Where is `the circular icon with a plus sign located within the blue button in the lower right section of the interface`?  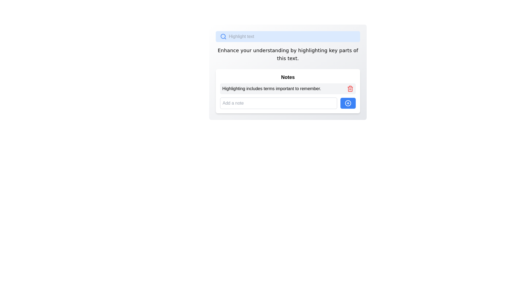 the circular icon with a plus sign located within the blue button in the lower right section of the interface is located at coordinates (348, 103).